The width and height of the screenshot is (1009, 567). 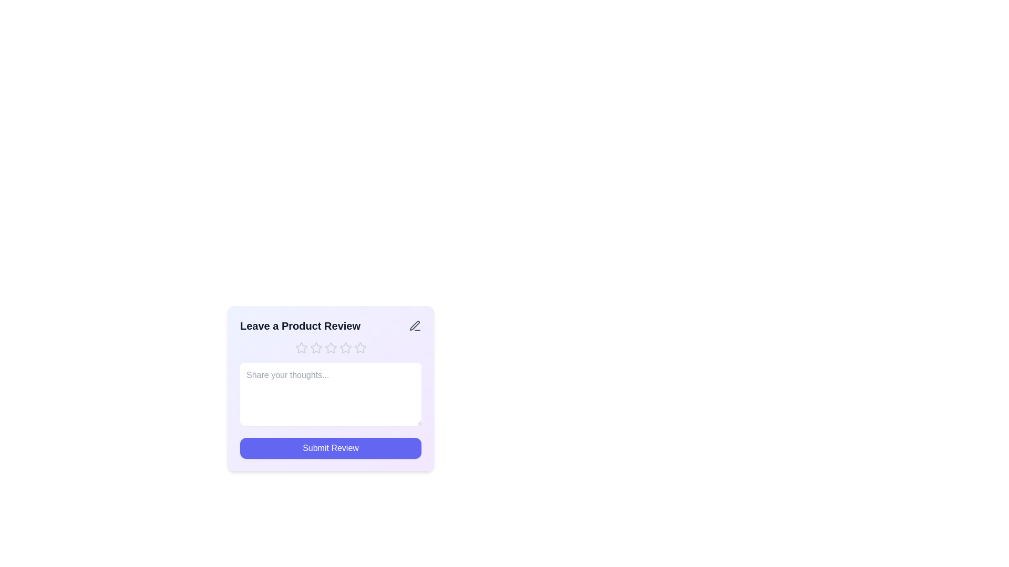 What do you see at coordinates (345, 348) in the screenshot?
I see `the star corresponding to the rating 4 to set the rating` at bounding box center [345, 348].